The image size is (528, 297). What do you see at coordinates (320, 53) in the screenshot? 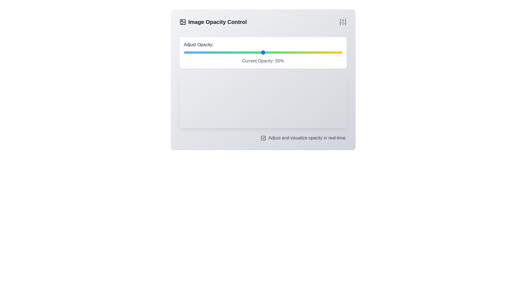
I see `the opacity` at bounding box center [320, 53].